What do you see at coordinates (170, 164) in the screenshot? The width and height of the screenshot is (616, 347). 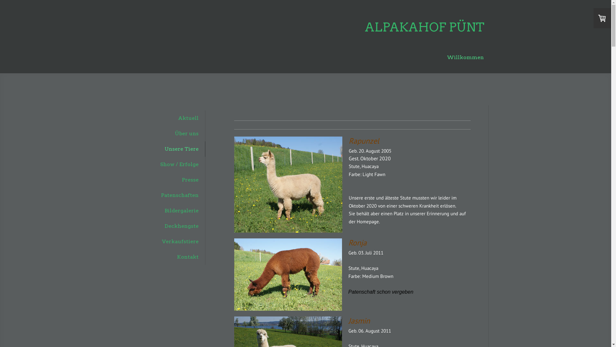 I see `'Show / Erfolge'` at bounding box center [170, 164].